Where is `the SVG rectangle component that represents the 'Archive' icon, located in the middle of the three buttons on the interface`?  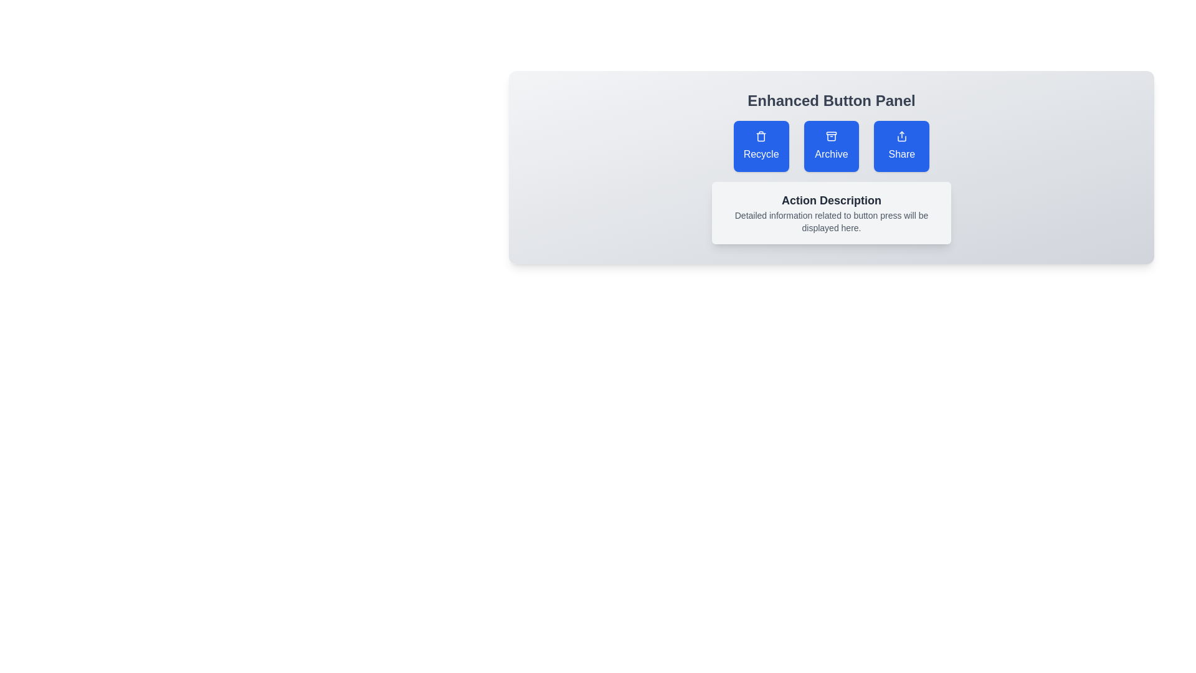 the SVG rectangle component that represents the 'Archive' icon, located in the middle of the three buttons on the interface is located at coordinates (831, 133).